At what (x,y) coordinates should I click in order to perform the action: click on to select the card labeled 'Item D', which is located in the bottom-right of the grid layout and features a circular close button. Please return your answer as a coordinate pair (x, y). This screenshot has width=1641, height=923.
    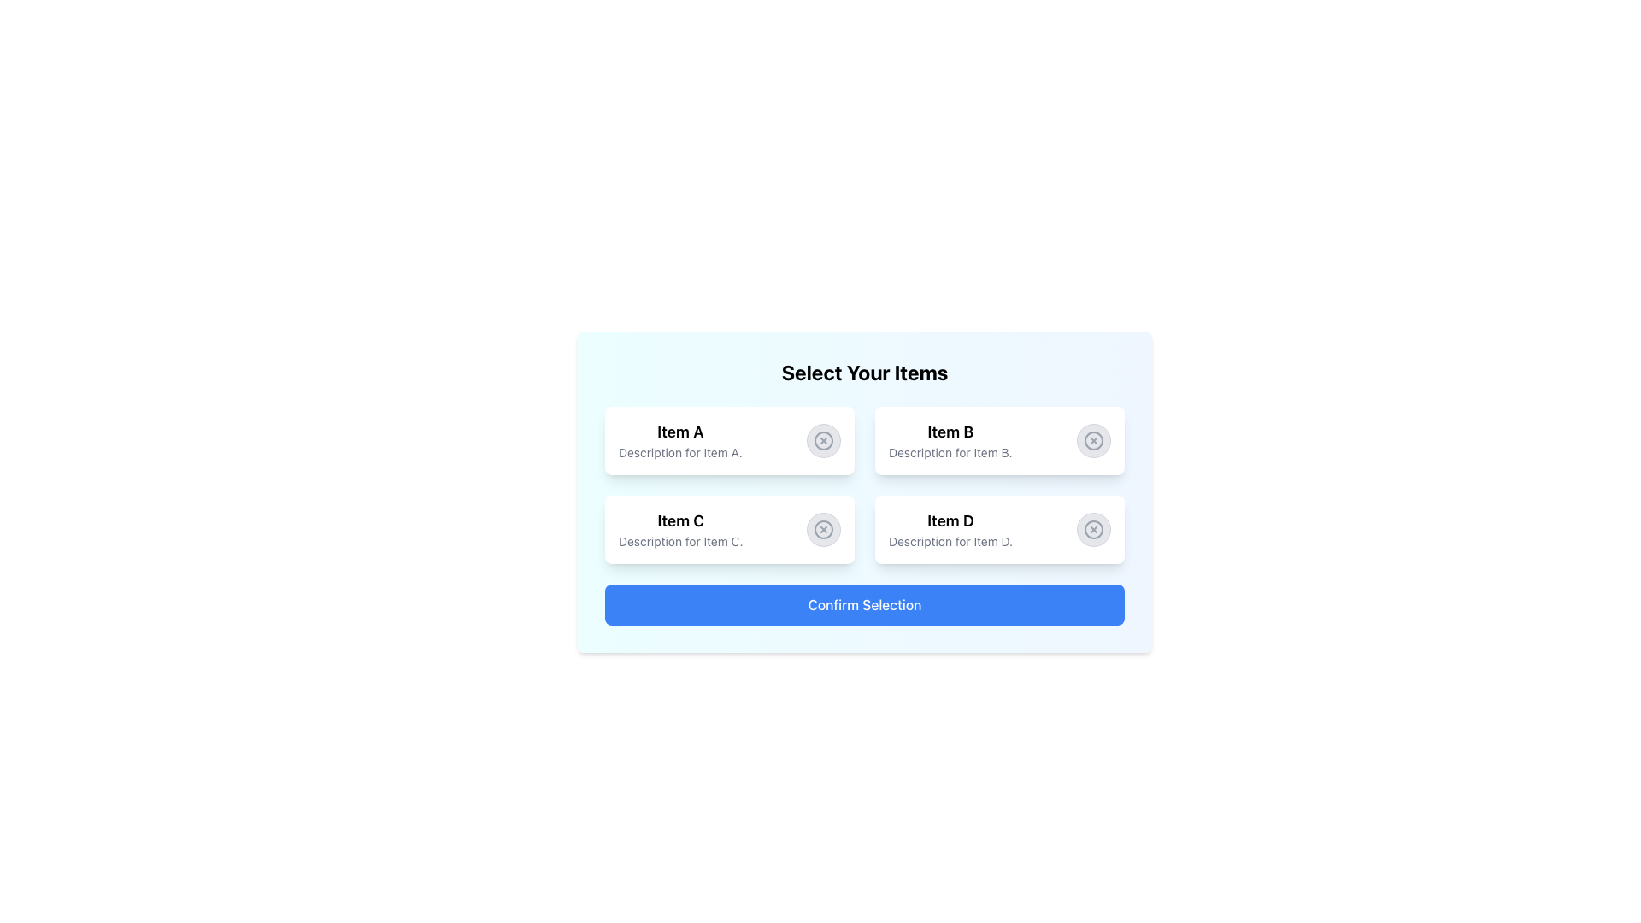
    Looking at the image, I should click on (1000, 529).